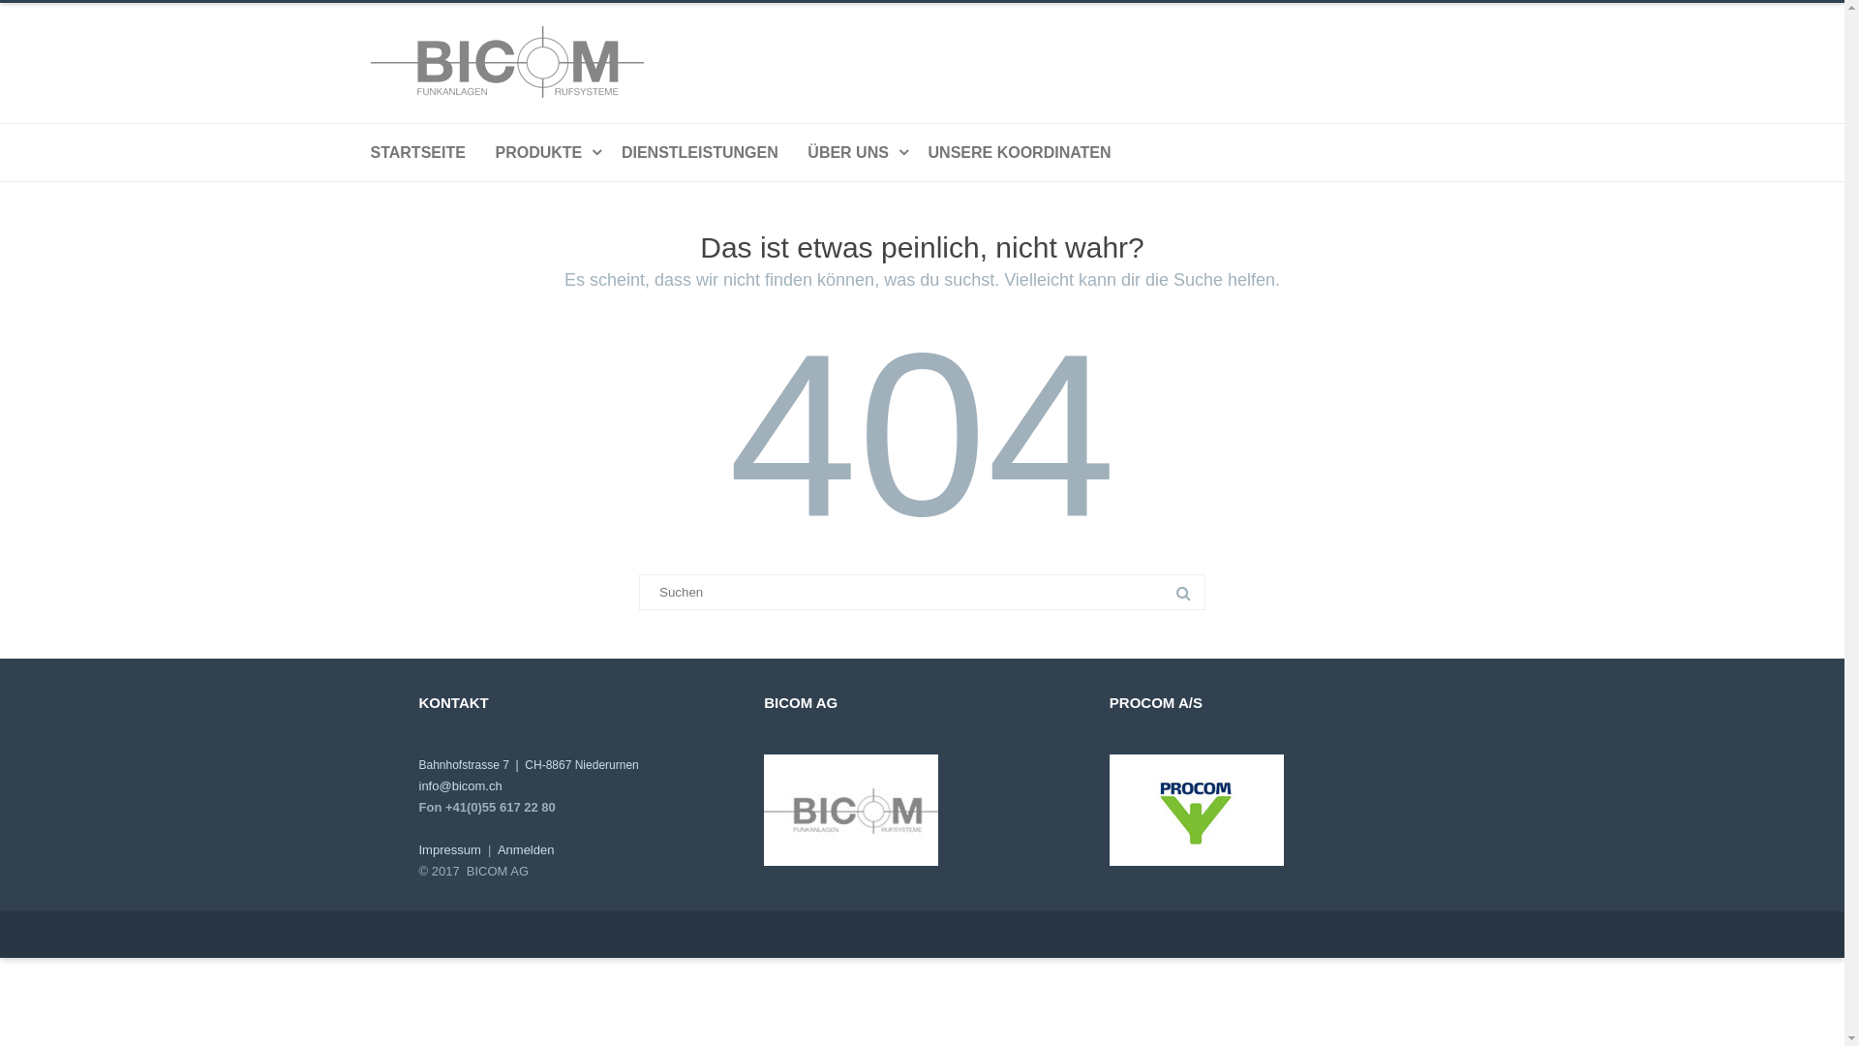 The height and width of the screenshot is (1046, 1859). Describe the element at coordinates (459, 785) in the screenshot. I see `'info@bicom.ch'` at that location.